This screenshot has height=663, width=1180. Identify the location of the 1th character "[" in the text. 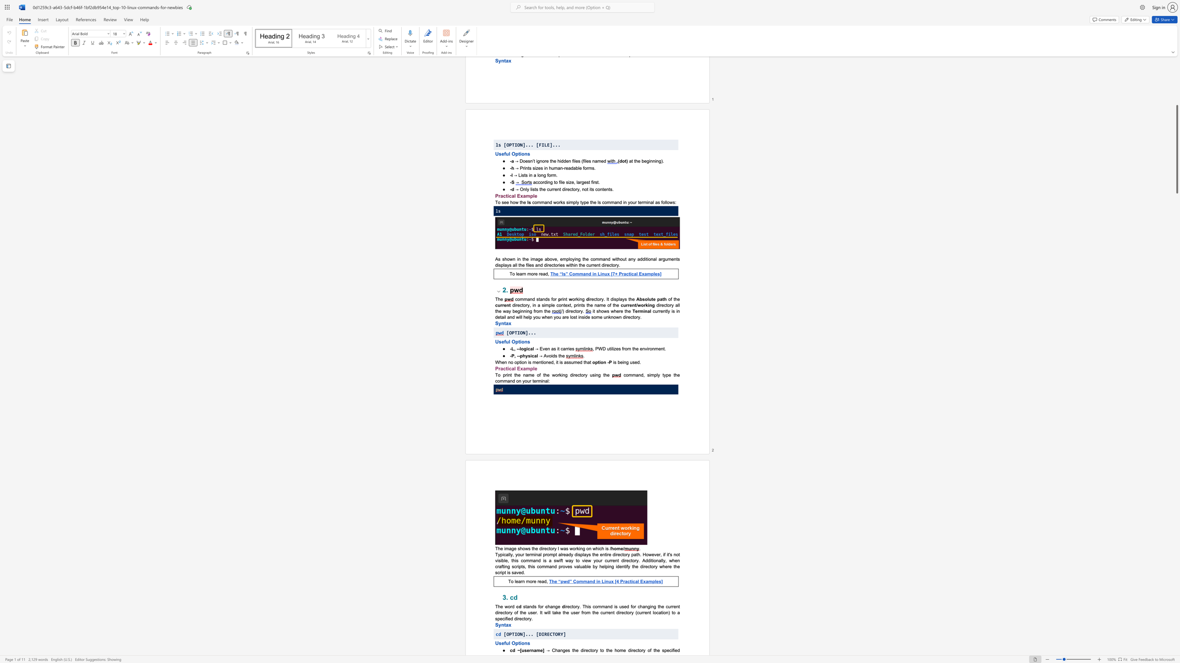
(615, 581).